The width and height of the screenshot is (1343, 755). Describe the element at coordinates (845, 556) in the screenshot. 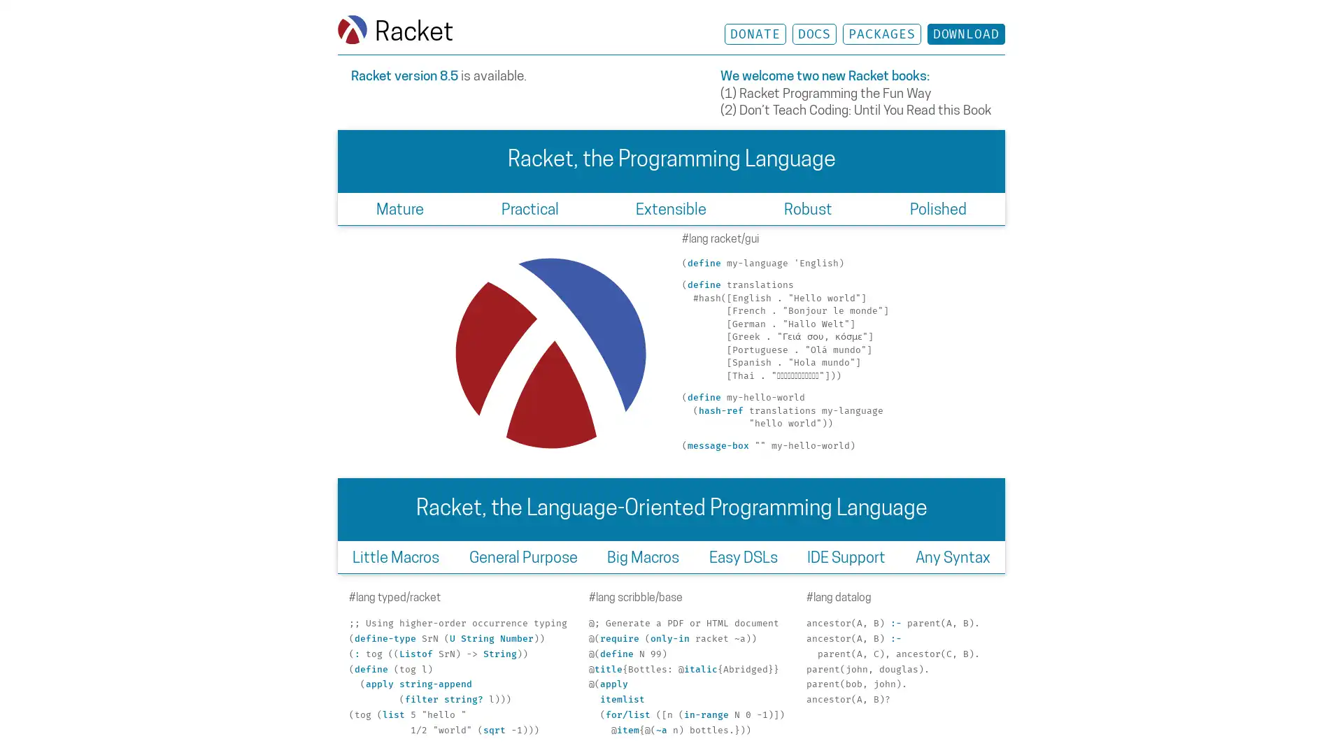

I see `IDE Support` at that location.